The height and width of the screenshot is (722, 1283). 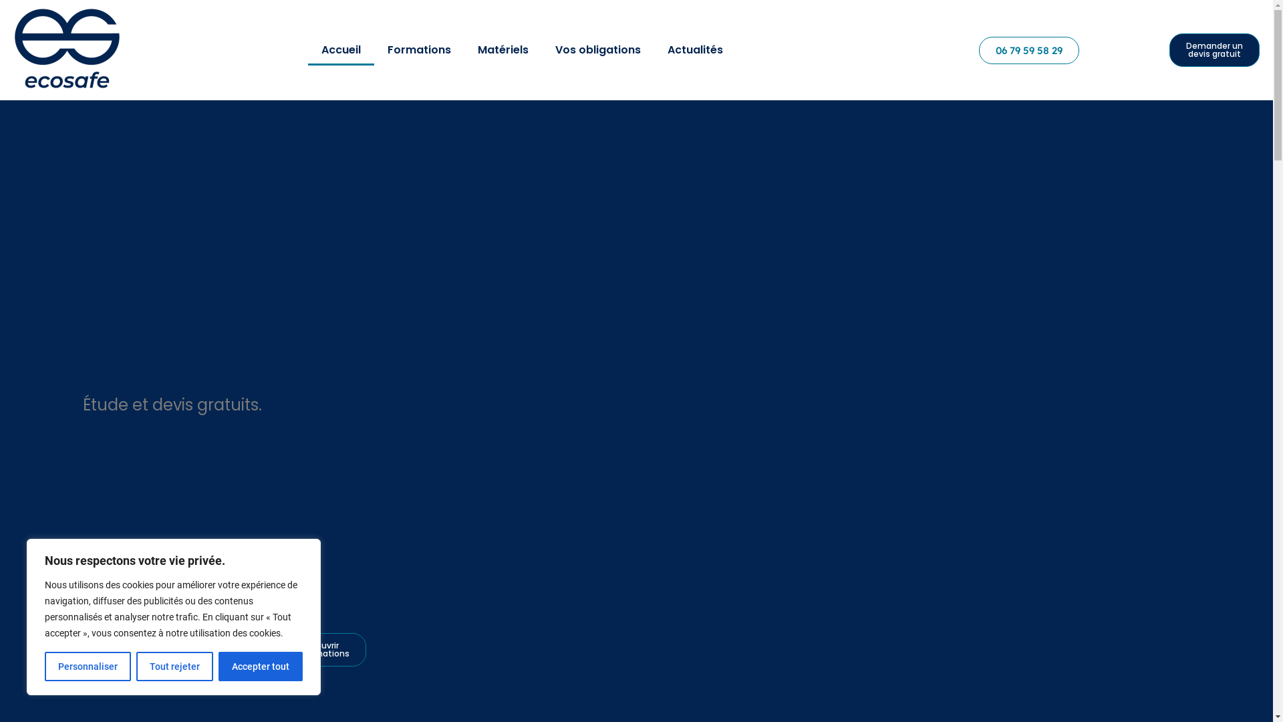 What do you see at coordinates (374, 49) in the screenshot?
I see `'Formations'` at bounding box center [374, 49].